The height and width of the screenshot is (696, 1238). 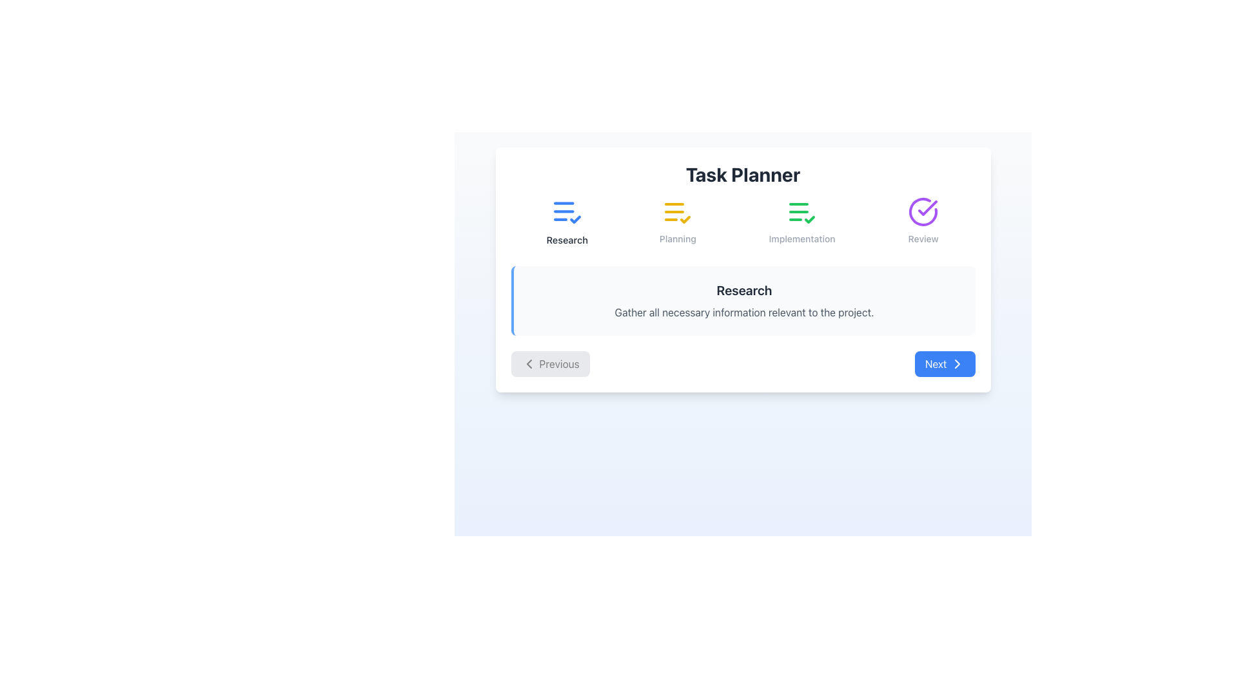 What do you see at coordinates (927, 208) in the screenshot?
I see `the checkmark icon within the circular violet-shaded background, which indicates completion in the 'Review' category of the task planner interface` at bounding box center [927, 208].